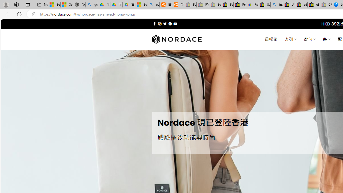  Describe the element at coordinates (170, 24) in the screenshot. I see `'Follow on Pinterest'` at that location.